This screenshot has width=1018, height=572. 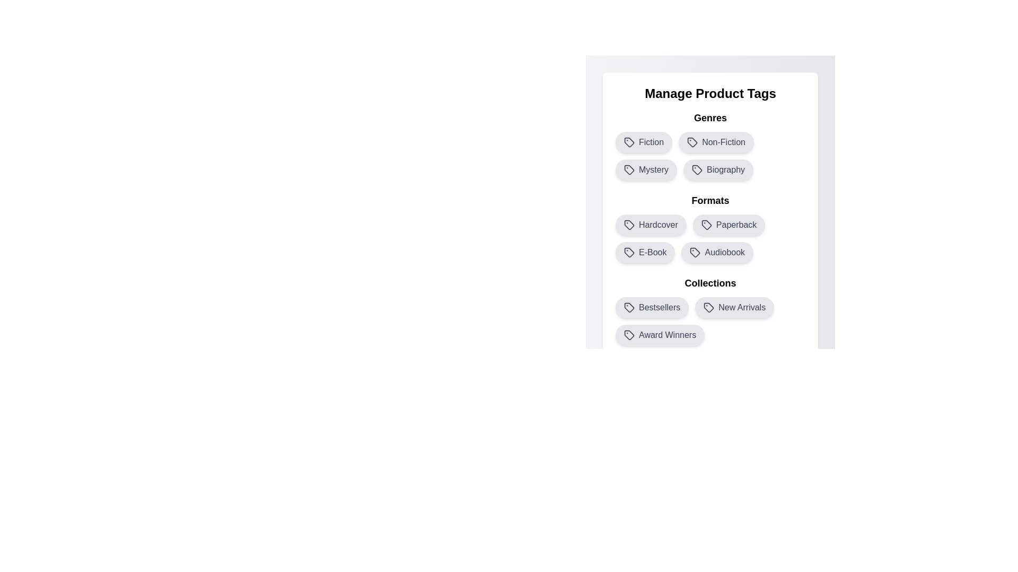 I want to click on the 'Non-Fiction' genre tag, which is the second tag under the 'Genres' section, so click(x=710, y=145).